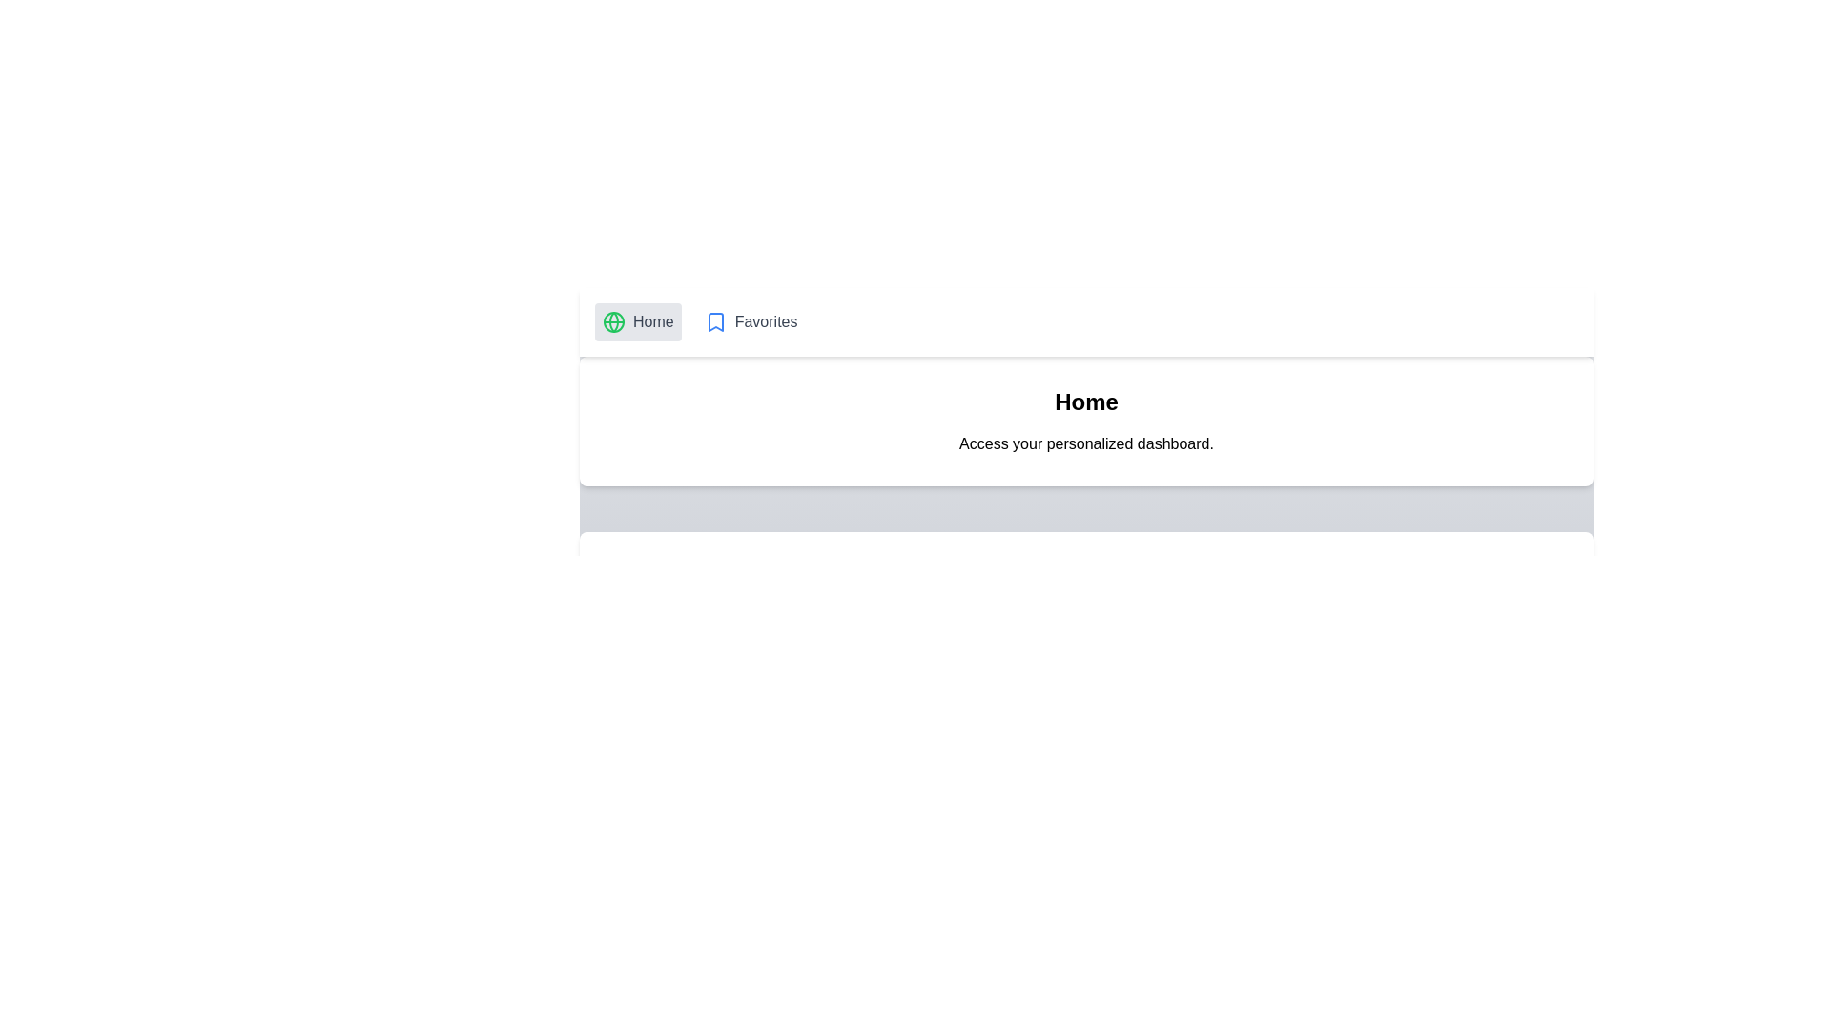  What do you see at coordinates (714, 321) in the screenshot?
I see `the 'Favorites' bookmark icon located in the menu, positioned to the left of the 'Favorites' text label` at bounding box center [714, 321].